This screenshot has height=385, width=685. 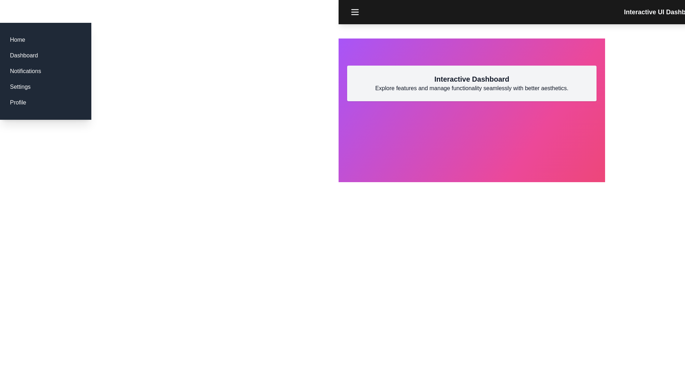 What do you see at coordinates (355, 12) in the screenshot?
I see `the button labeled Menu to observe visual feedback` at bounding box center [355, 12].